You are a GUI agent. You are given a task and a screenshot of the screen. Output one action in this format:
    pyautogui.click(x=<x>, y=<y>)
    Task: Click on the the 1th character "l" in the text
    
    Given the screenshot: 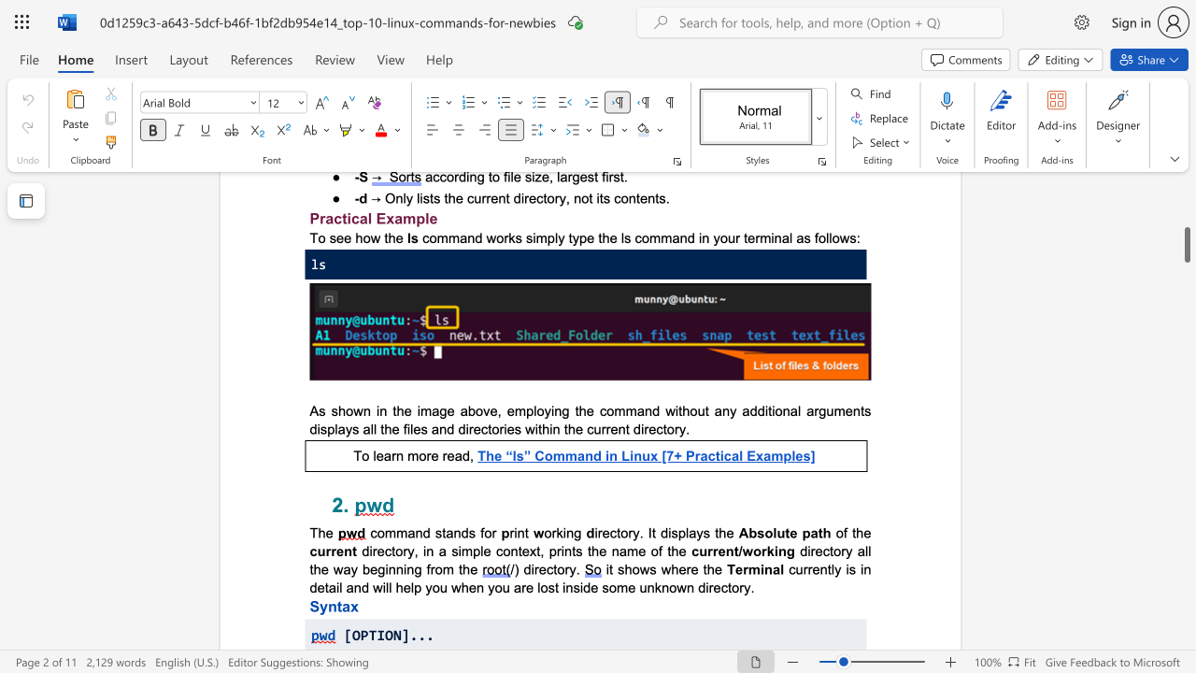 What is the action you would take?
    pyautogui.click(x=799, y=409)
    